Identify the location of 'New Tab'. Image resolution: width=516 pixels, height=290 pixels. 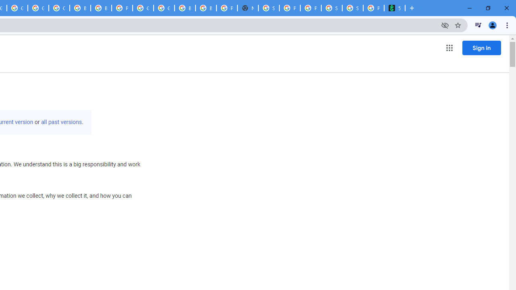
(248, 8).